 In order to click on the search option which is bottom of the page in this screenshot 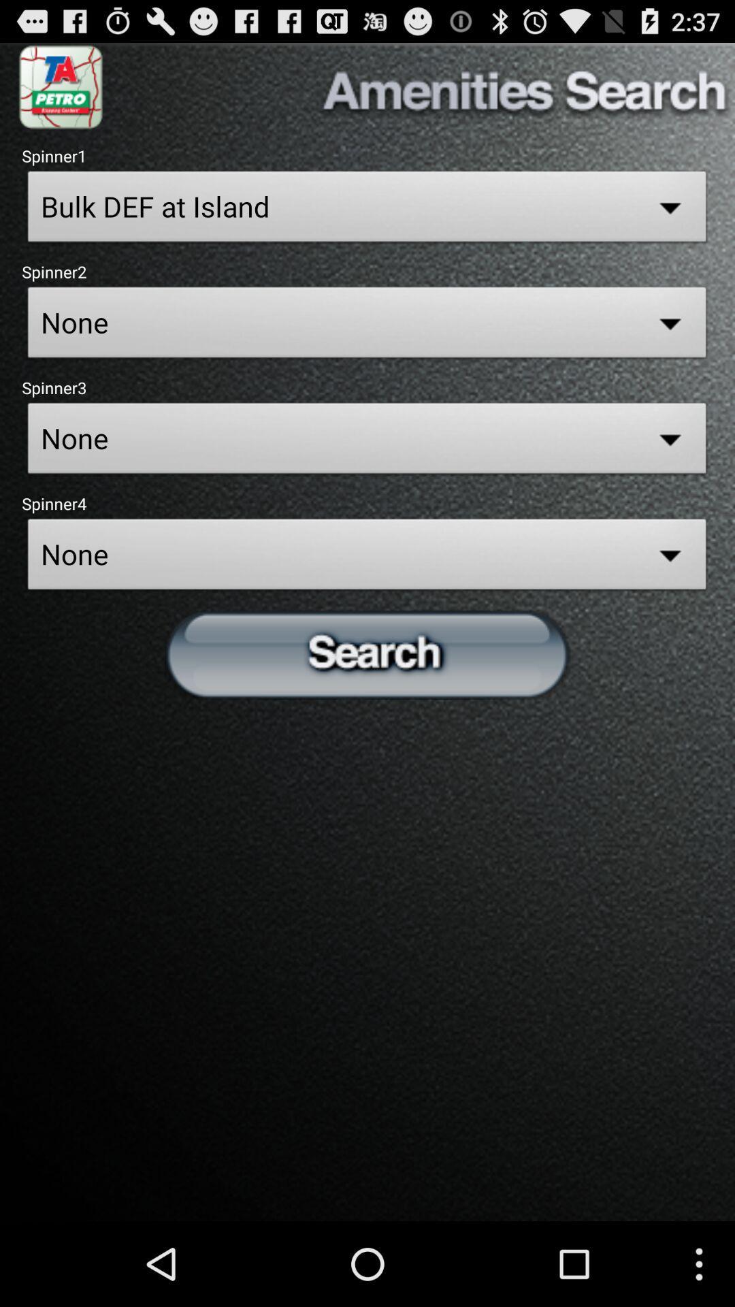, I will do `click(367, 653)`.